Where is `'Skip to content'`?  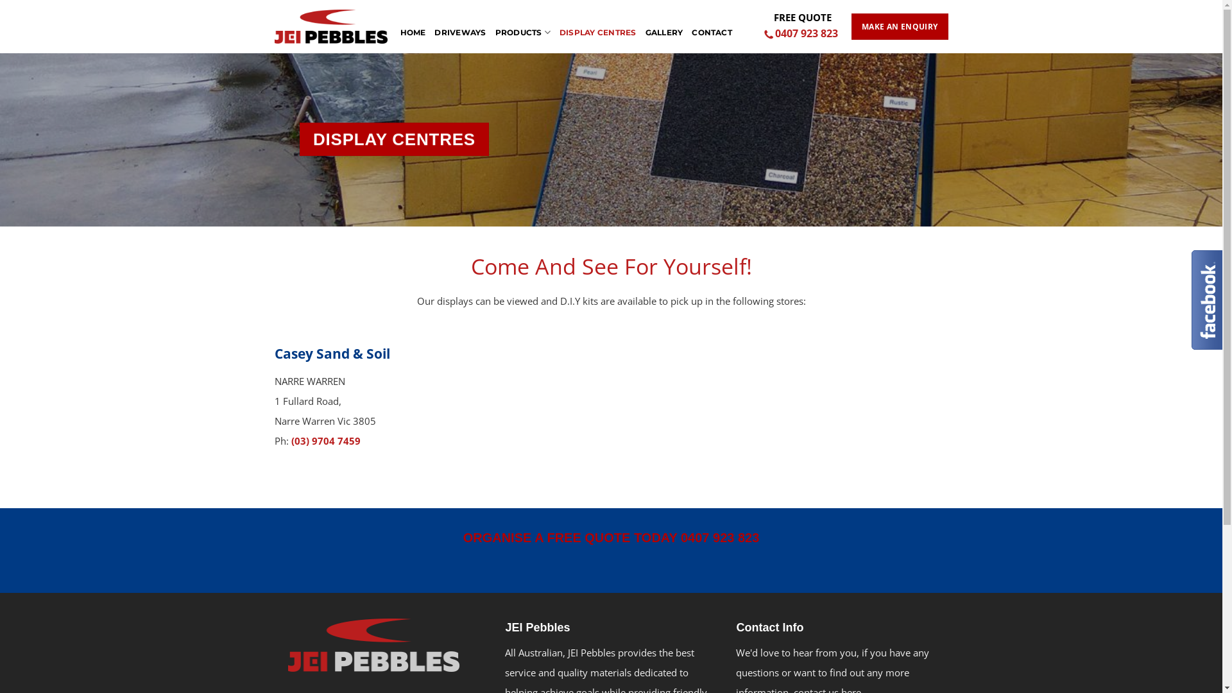 'Skip to content' is located at coordinates (0, 0).